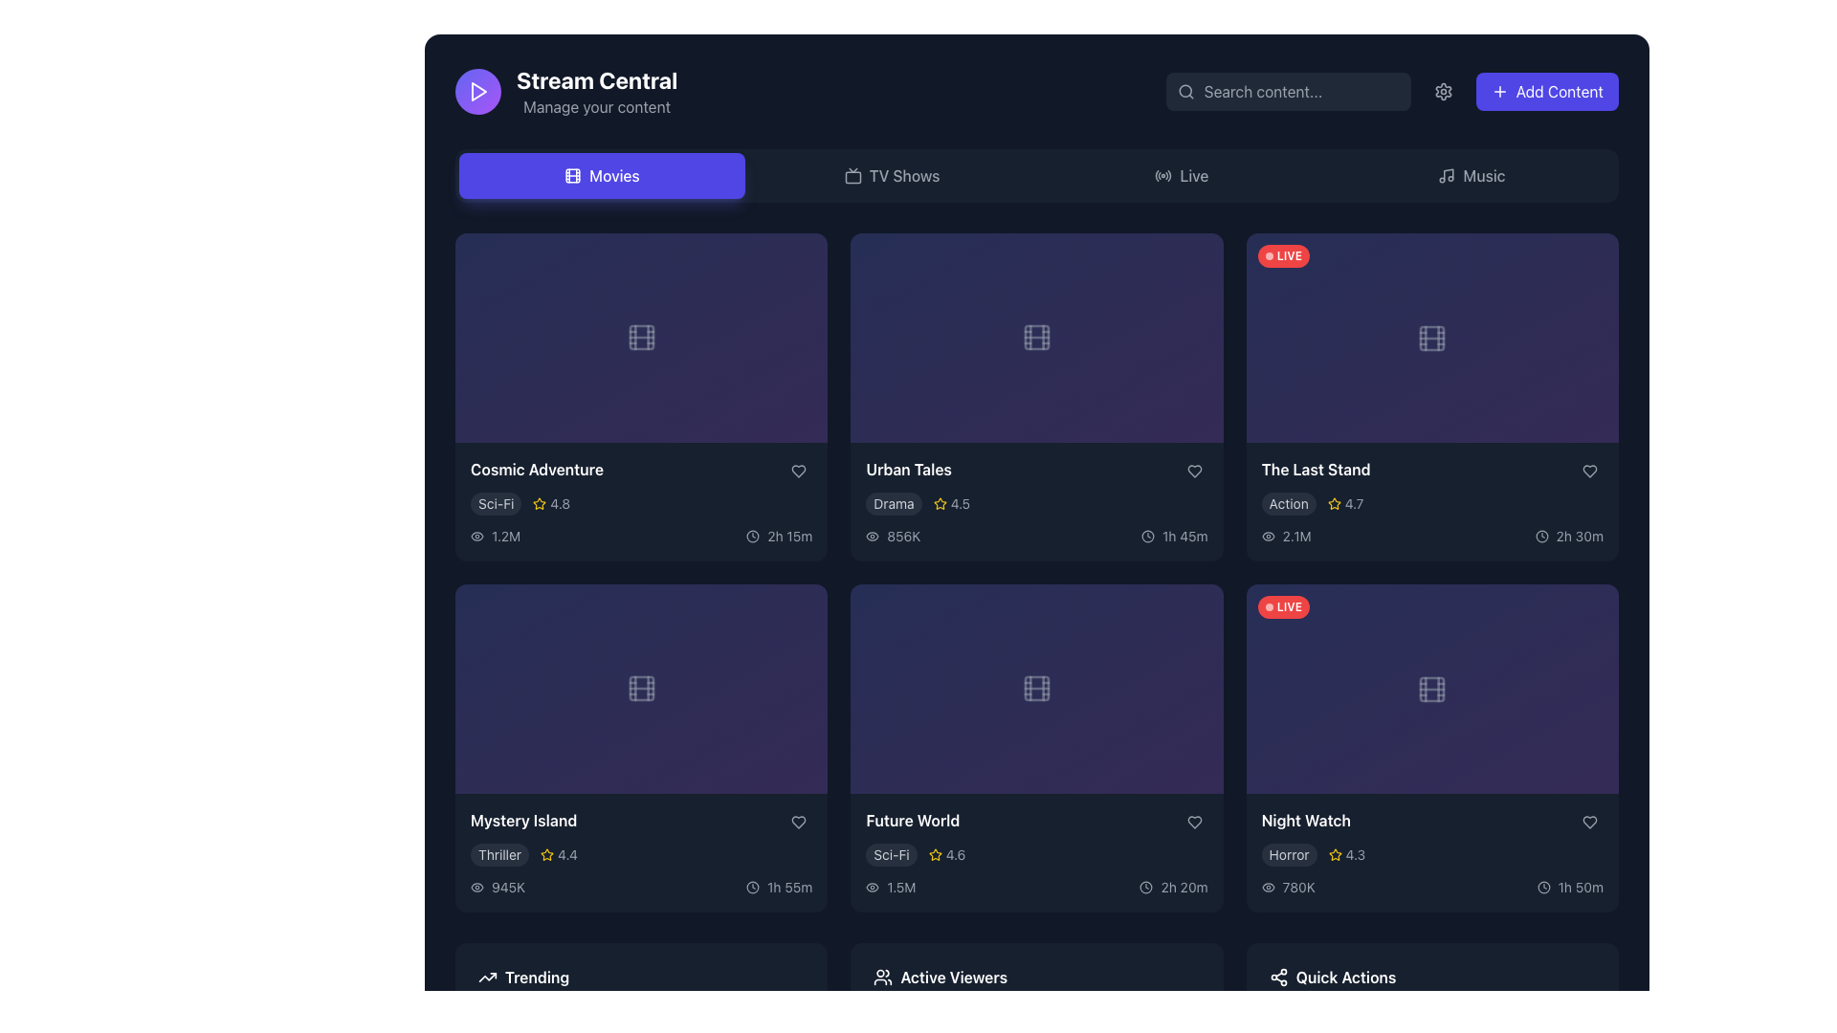 This screenshot has height=1033, width=1837. I want to click on the heart-shaped outline icon button in the 'Future World' card to mark the item as favorite, so click(1193, 822).